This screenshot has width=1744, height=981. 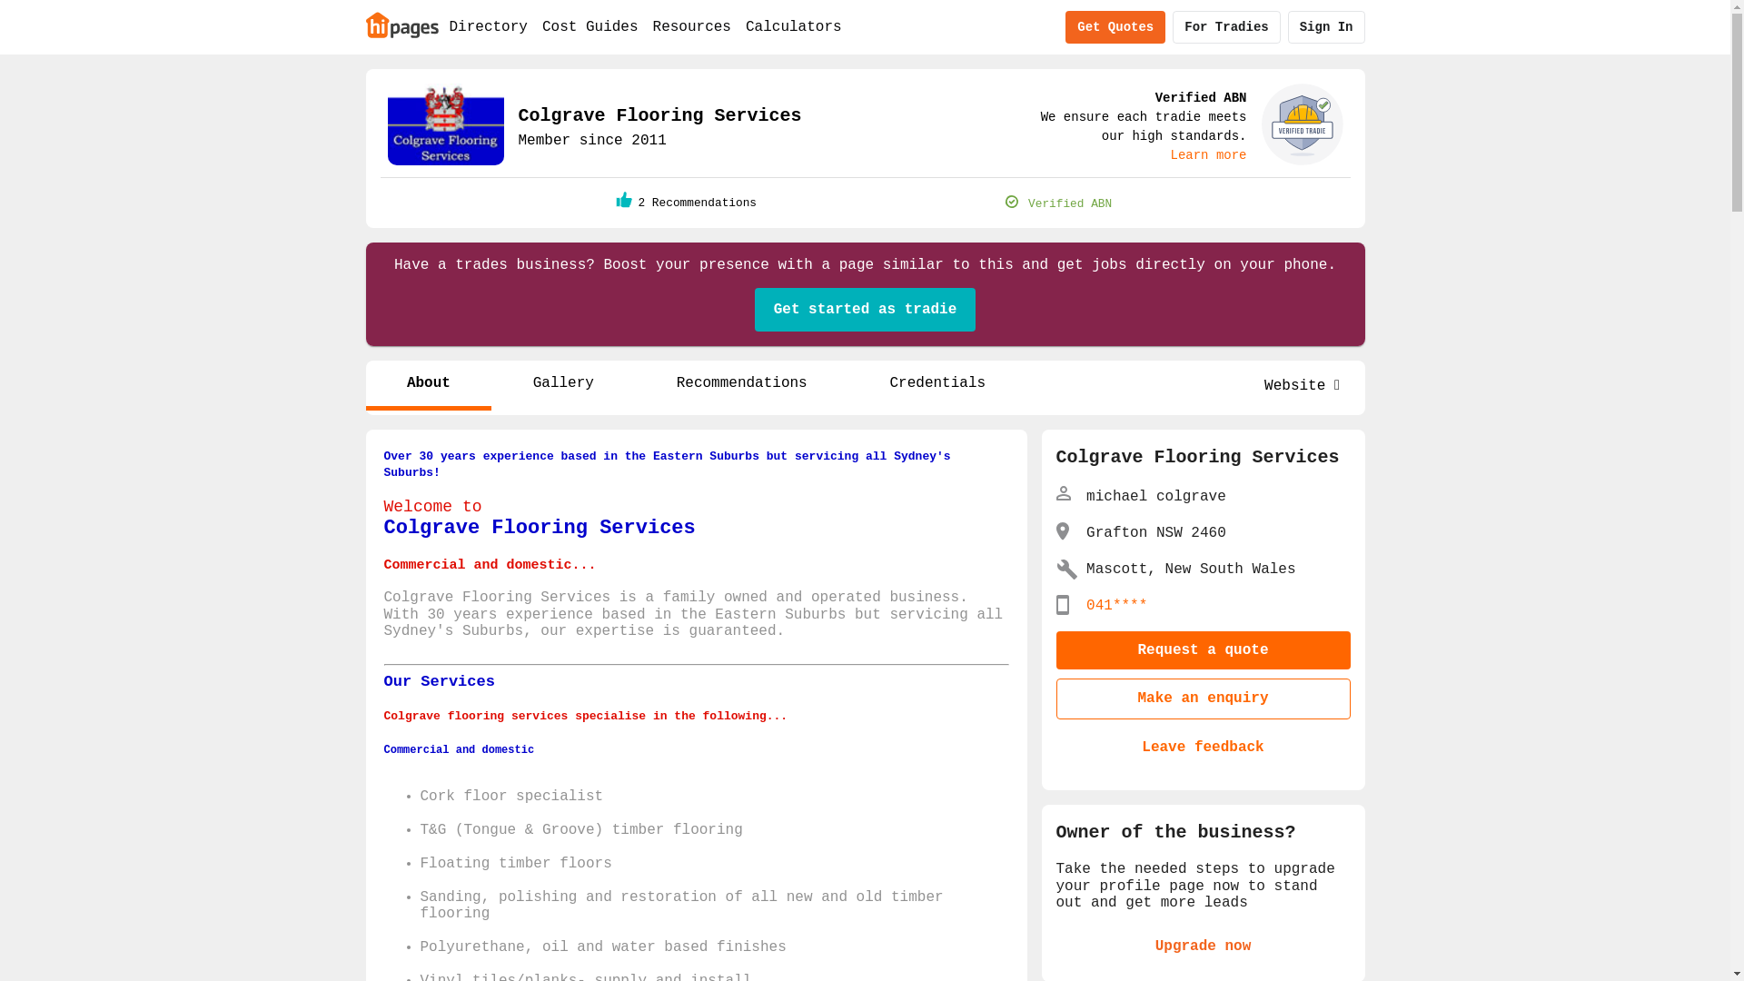 I want to click on 'Resources', so click(x=645, y=27).